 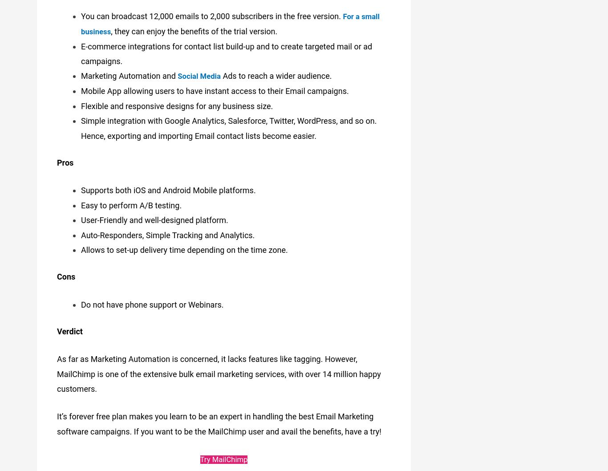 What do you see at coordinates (226, 50) in the screenshot?
I see `'E-commerce integrations for contact list build-up and to create targeted mail or ad campaigns.'` at bounding box center [226, 50].